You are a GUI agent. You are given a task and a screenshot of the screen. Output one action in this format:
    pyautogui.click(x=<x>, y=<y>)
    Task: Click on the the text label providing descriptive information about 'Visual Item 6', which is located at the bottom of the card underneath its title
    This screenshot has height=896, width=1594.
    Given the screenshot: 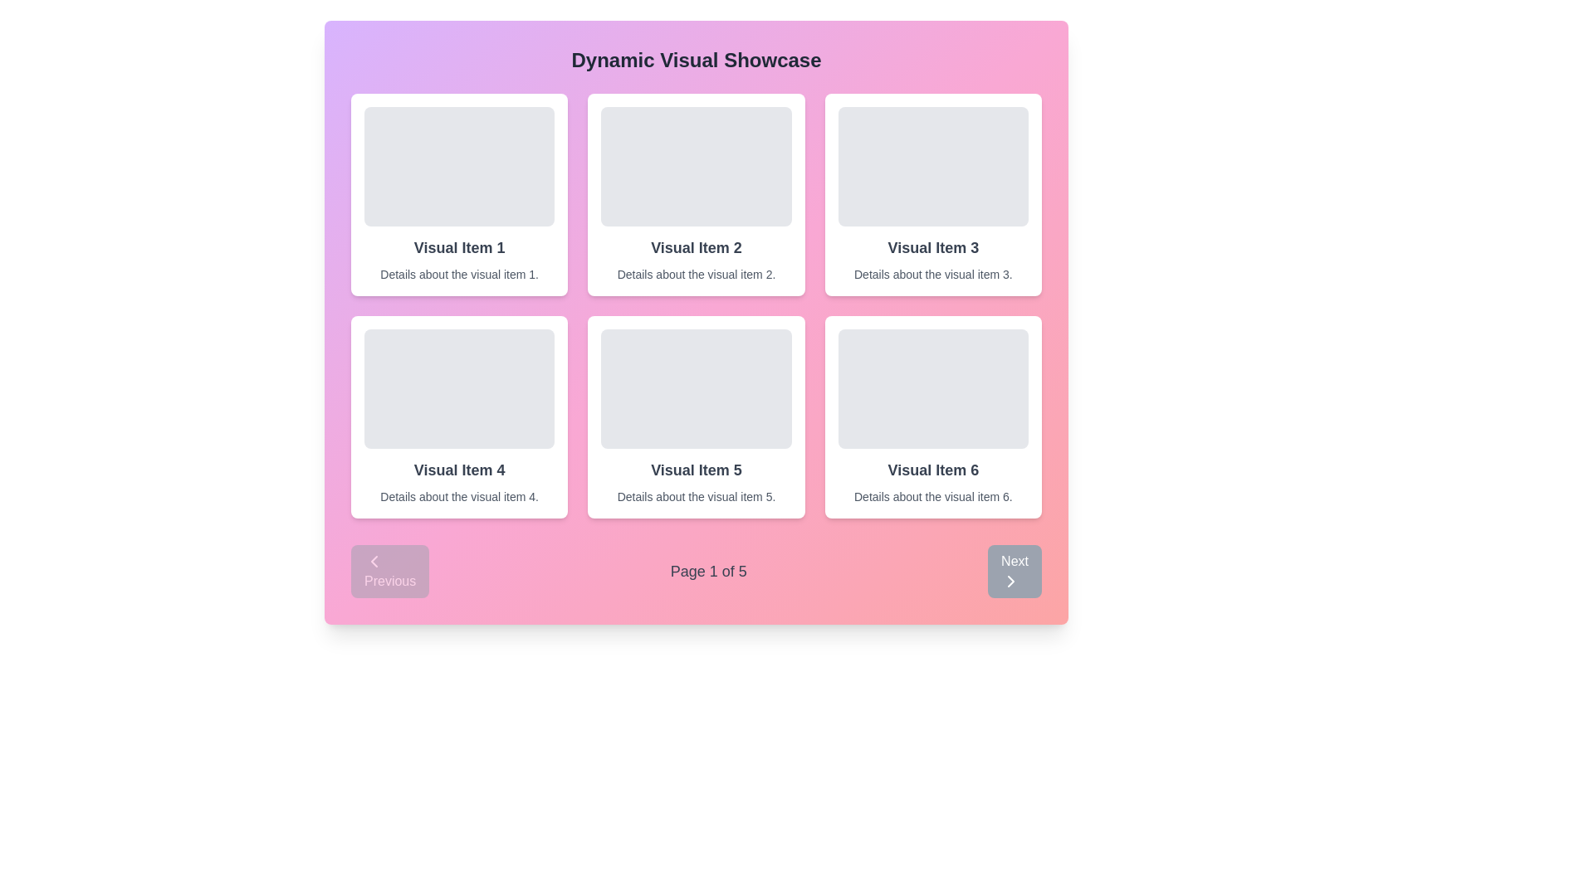 What is the action you would take?
    pyautogui.click(x=933, y=495)
    